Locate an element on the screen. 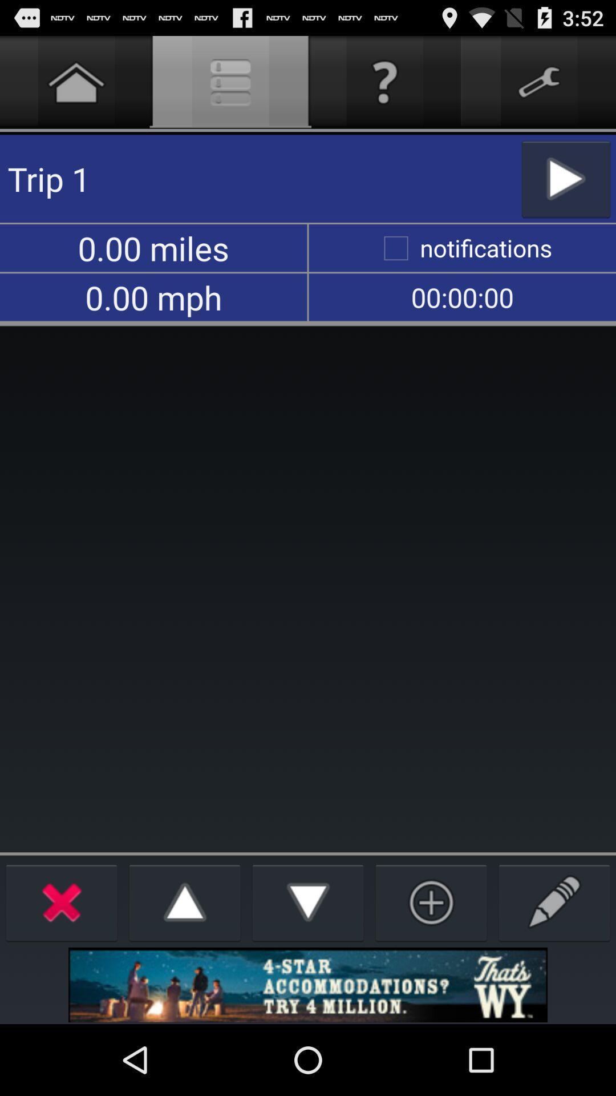 The image size is (616, 1096). the edit icon is located at coordinates (554, 965).